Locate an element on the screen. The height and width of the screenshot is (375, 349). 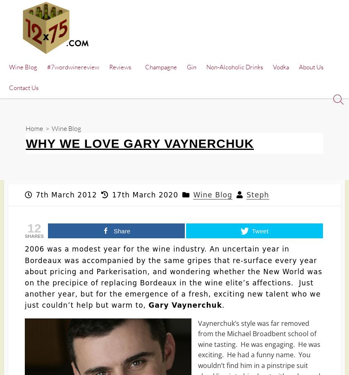
'Best Red Wine Glasses of 2020 | Ultimate Buyer’s Guide & Reviews' is located at coordinates (143, 235).